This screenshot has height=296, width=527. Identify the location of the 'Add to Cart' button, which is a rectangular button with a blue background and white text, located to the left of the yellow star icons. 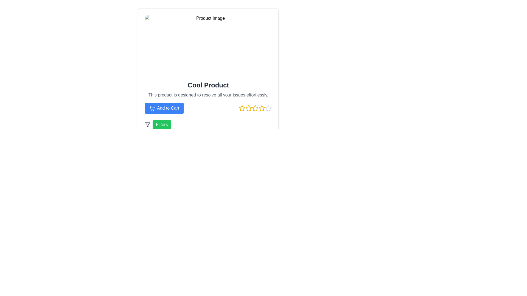
(164, 108).